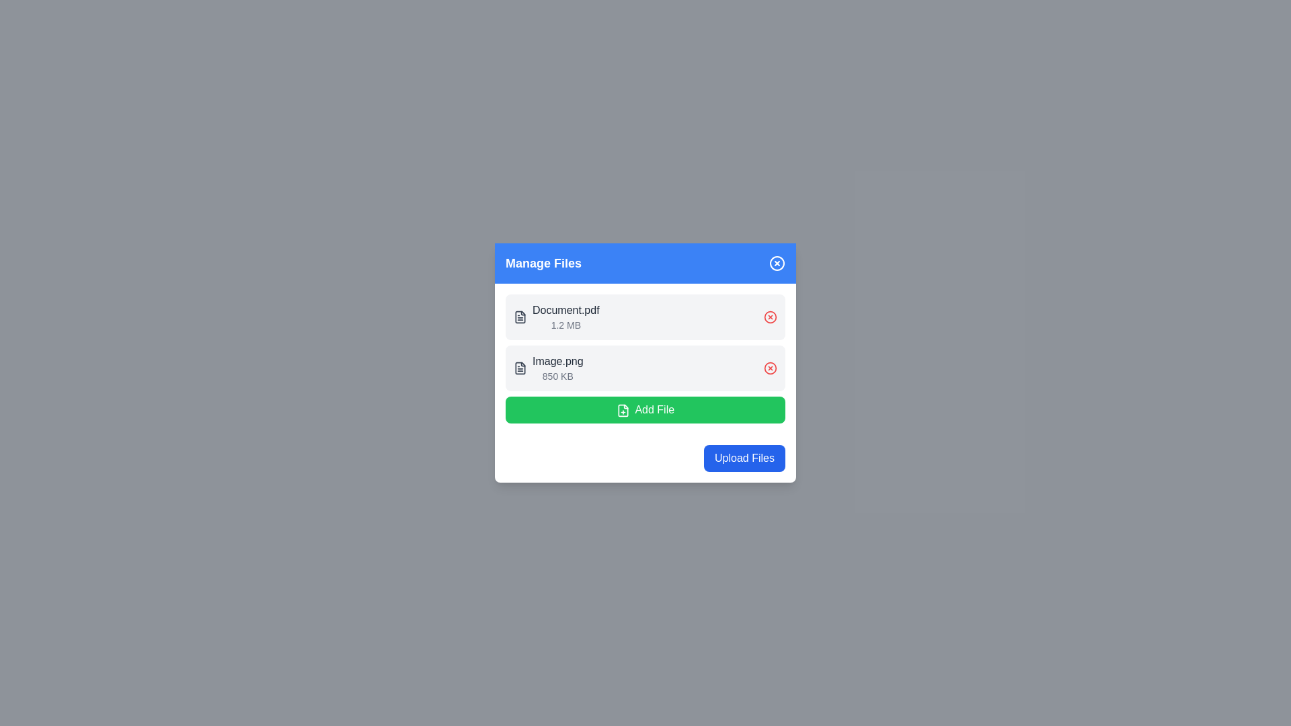 Image resolution: width=1291 pixels, height=726 pixels. I want to click on the document icon resembling a document with a text overlay, located, so click(519, 317).